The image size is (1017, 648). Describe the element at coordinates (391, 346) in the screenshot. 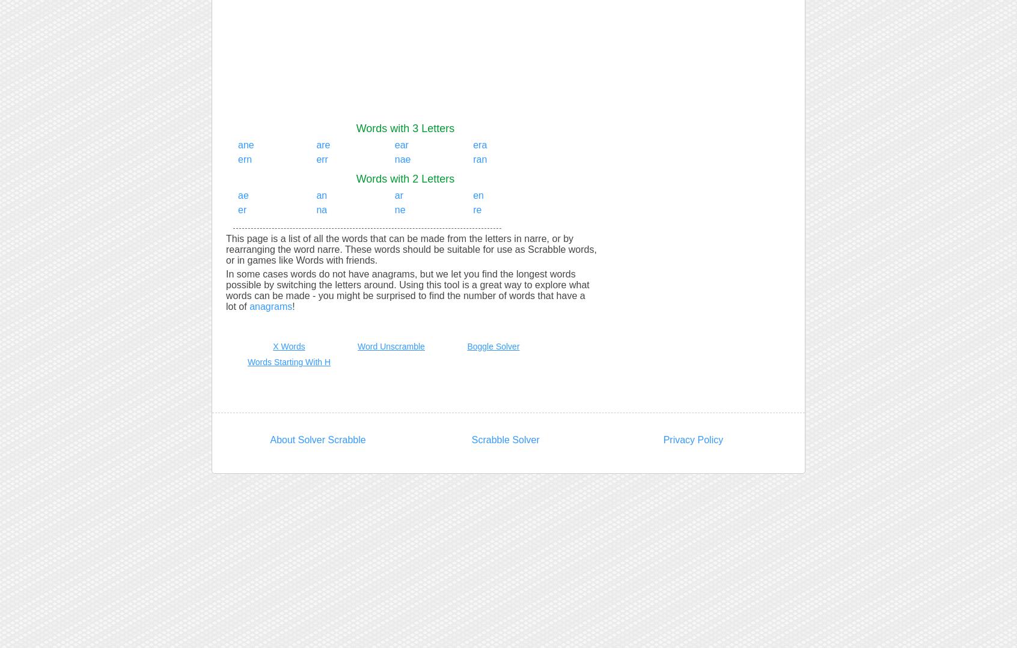

I see `'Word Unscramble'` at that location.